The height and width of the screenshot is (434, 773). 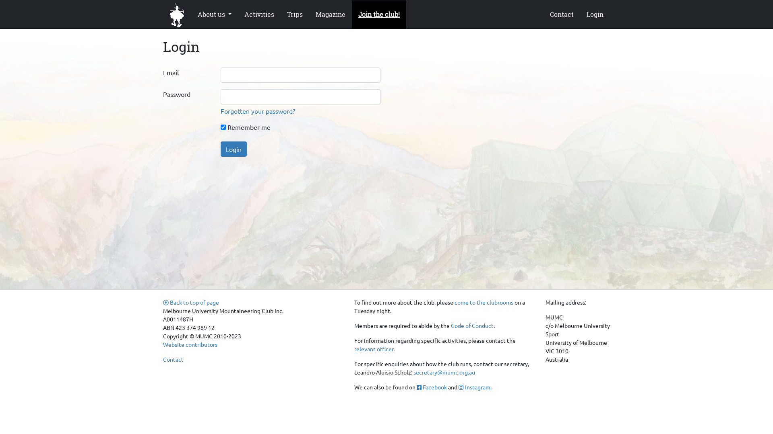 What do you see at coordinates (450, 325) in the screenshot?
I see `'Code of Conduct'` at bounding box center [450, 325].